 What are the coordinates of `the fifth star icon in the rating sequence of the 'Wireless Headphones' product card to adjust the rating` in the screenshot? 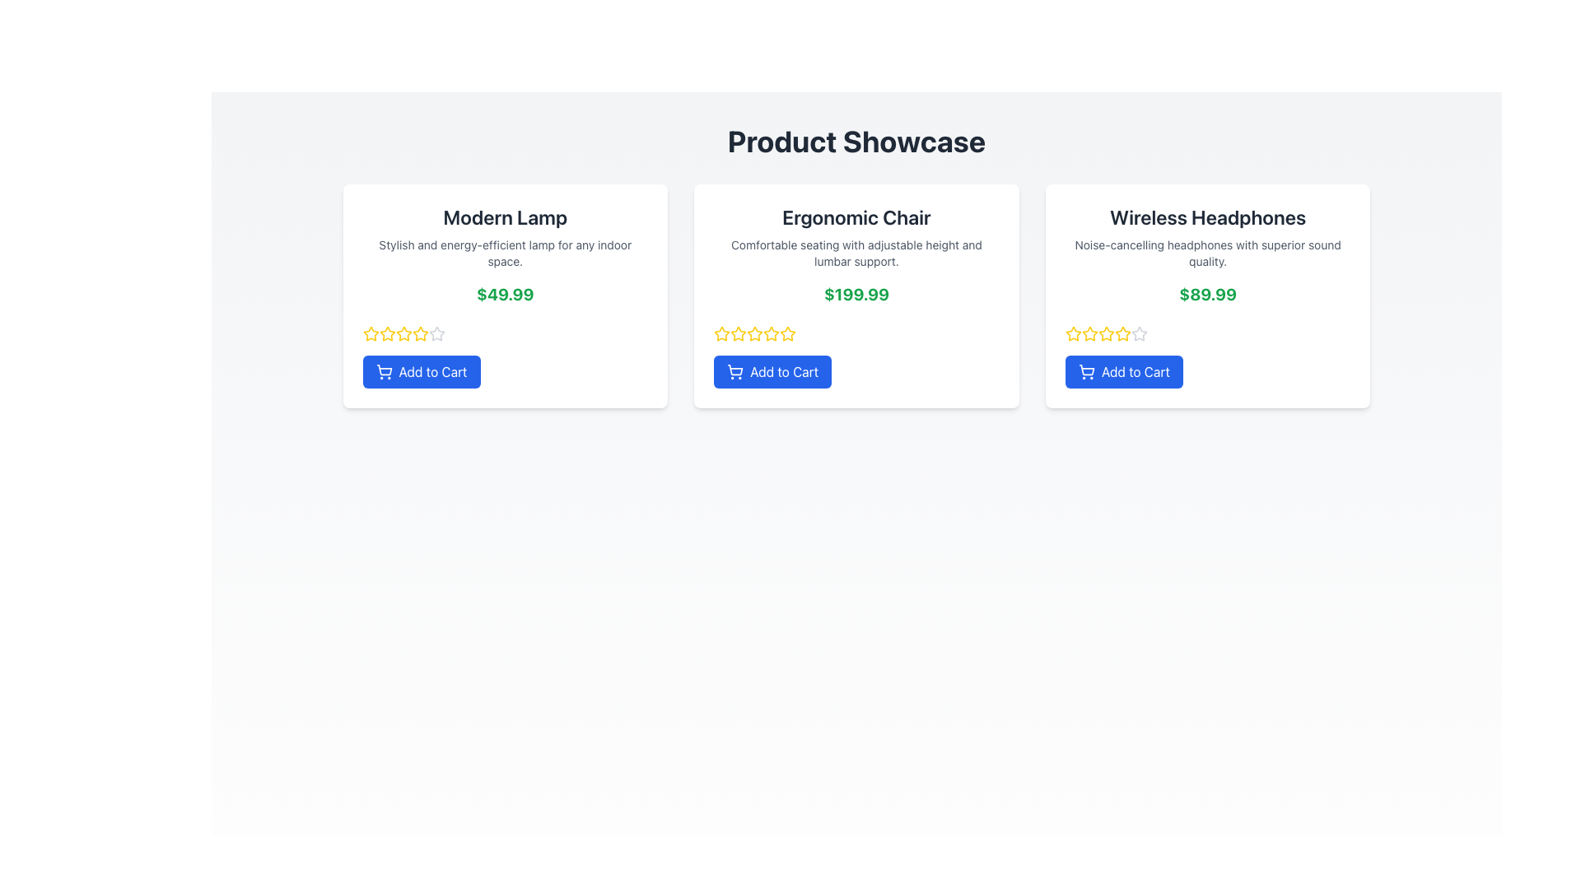 It's located at (1122, 333).